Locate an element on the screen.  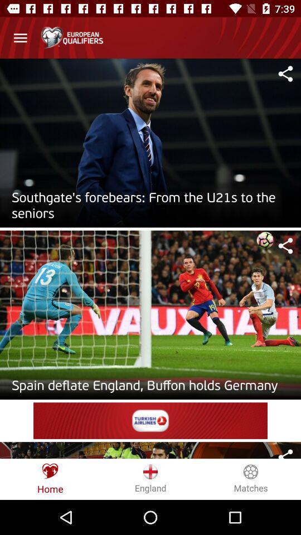
share the article is located at coordinates (285, 453).